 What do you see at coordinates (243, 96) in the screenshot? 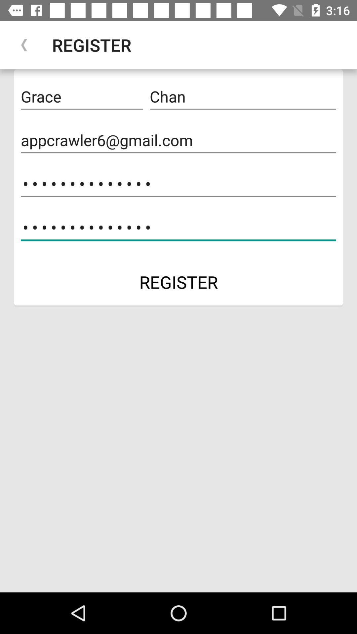
I see `item to the right of grace icon` at bounding box center [243, 96].